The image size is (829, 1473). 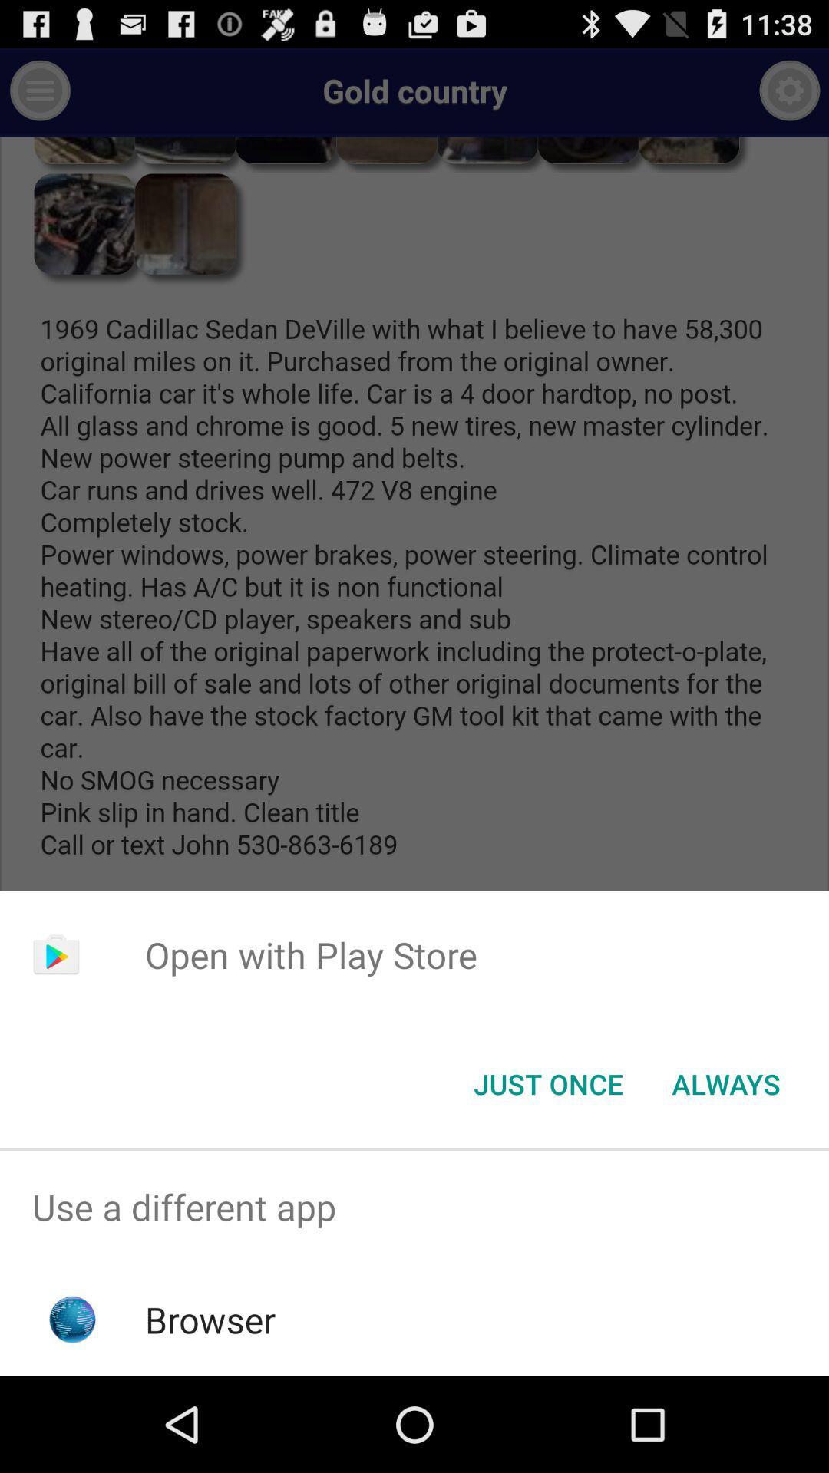 What do you see at coordinates (414, 1206) in the screenshot?
I see `the use a different icon` at bounding box center [414, 1206].